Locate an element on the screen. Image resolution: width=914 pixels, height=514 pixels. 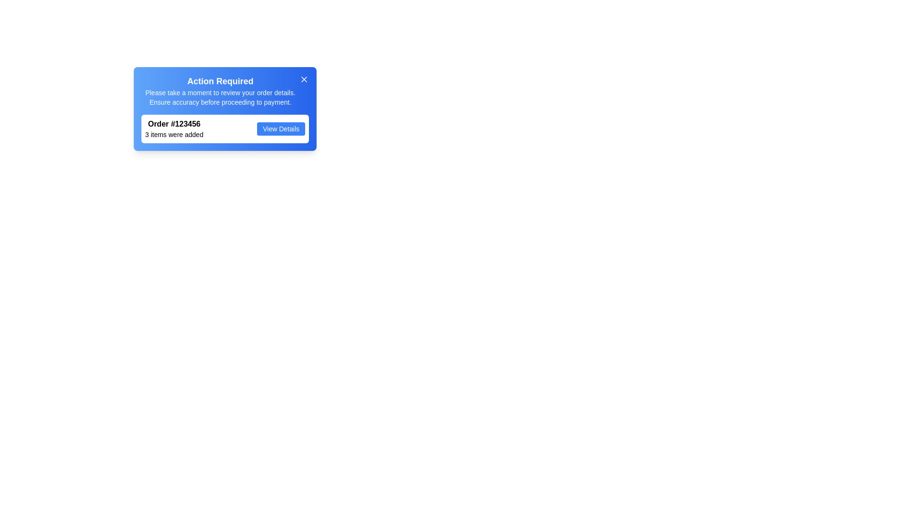
informational text block that displays 'Action Required' and the accompanying message about reviewing order details before payment is located at coordinates (219, 91).